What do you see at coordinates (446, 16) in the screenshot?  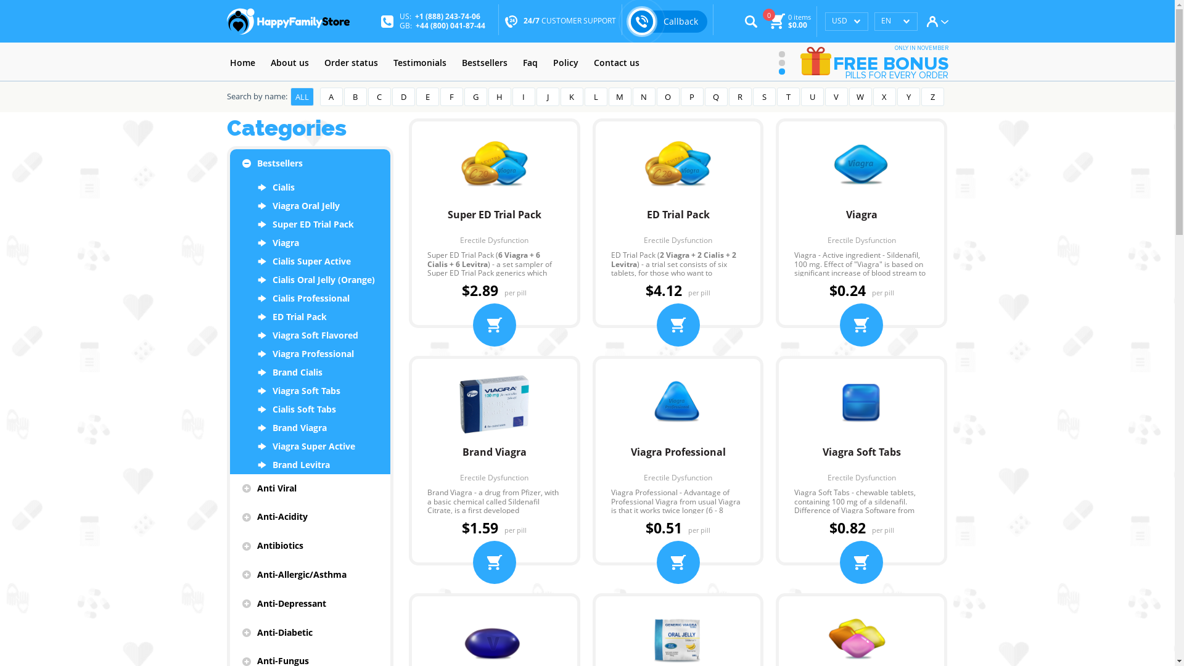 I see `'+1 (888) 243-74-06'` at bounding box center [446, 16].